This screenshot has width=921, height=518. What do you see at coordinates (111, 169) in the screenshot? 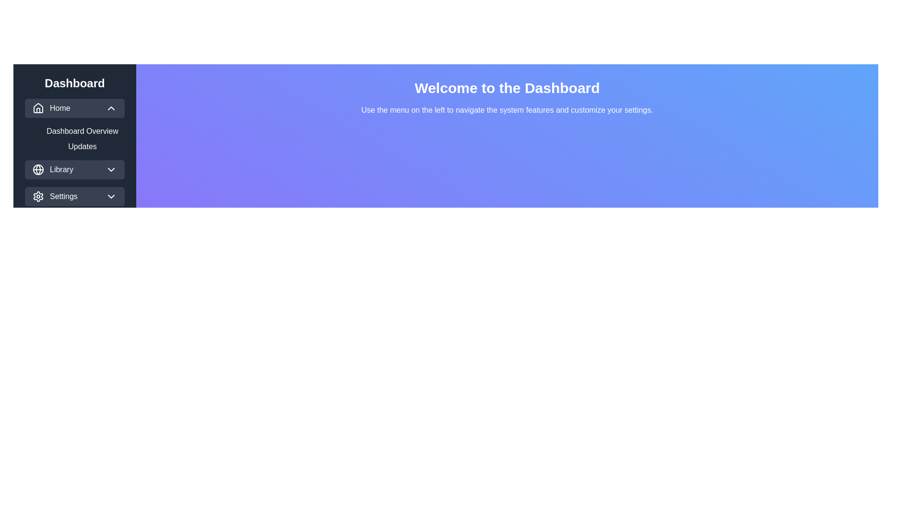
I see `the downward-pointing chevron icon located to the right of the 'Library' button in the sidebar navigation panel` at bounding box center [111, 169].